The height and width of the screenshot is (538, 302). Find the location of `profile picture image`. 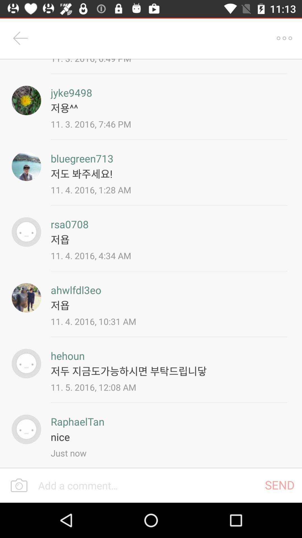

profile picture image is located at coordinates (26, 363).